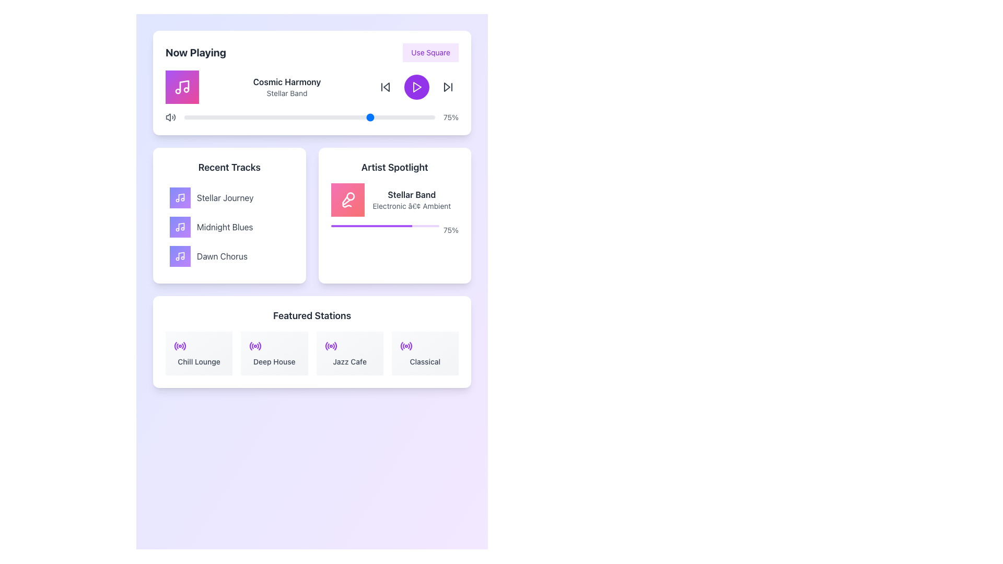  I want to click on the text label 'Featured Stations', which is styled in bold and large font, located at the top center of a card section, so click(311, 315).